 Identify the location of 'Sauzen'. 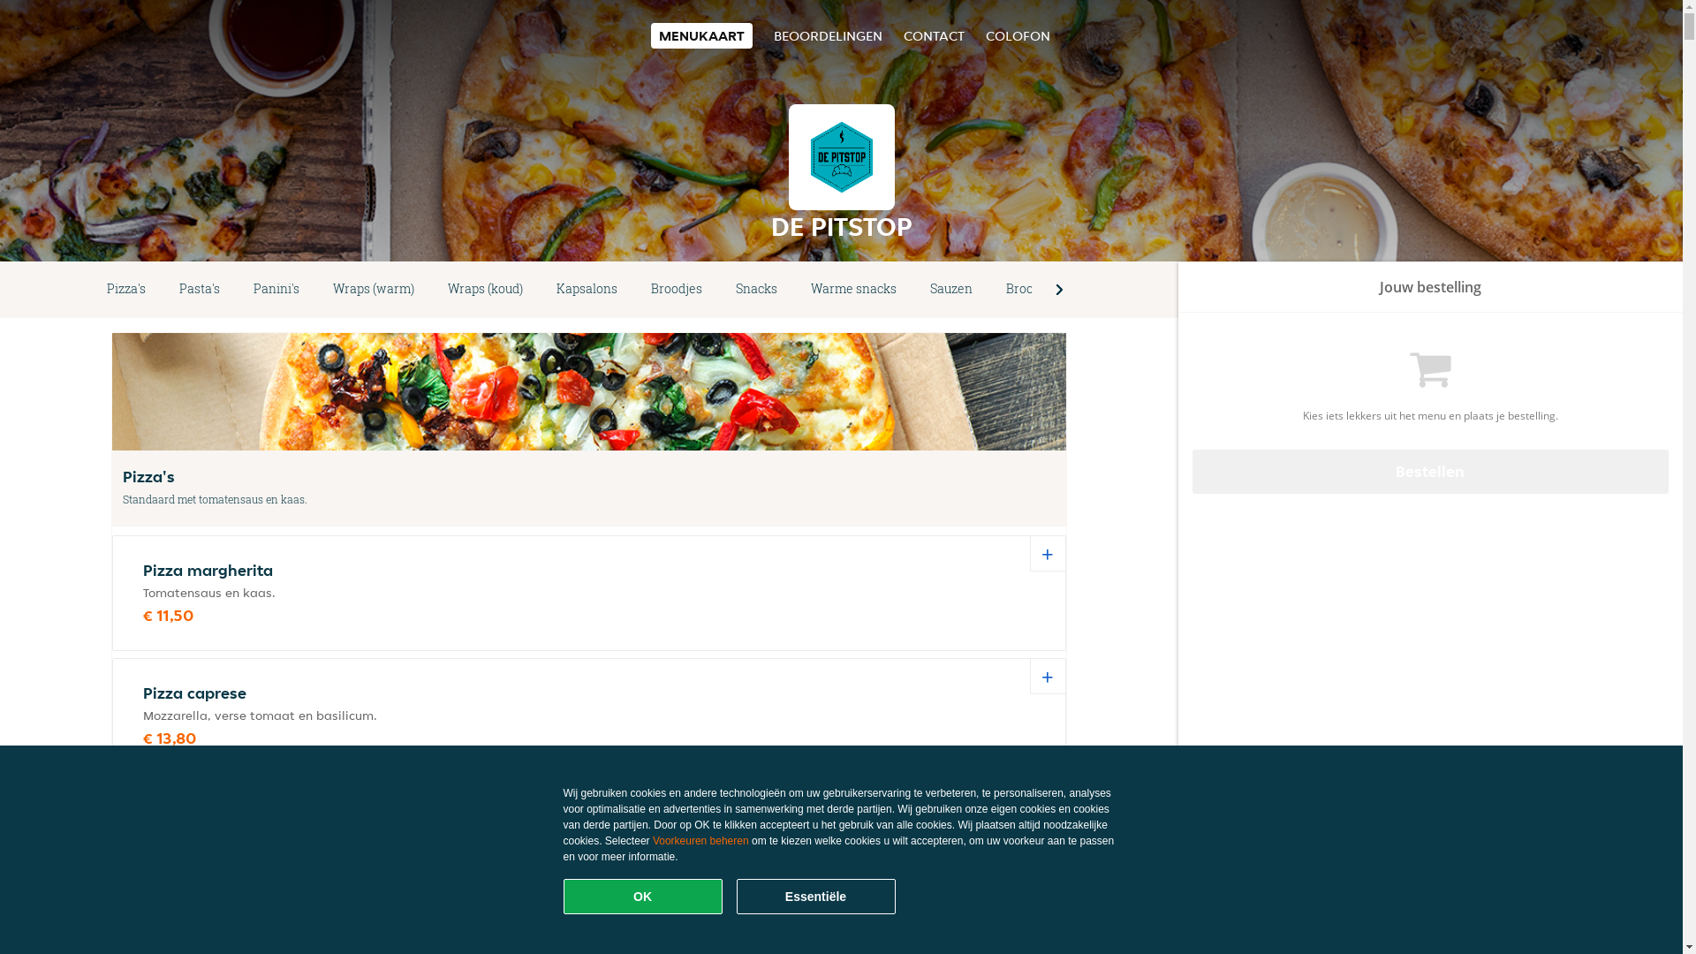
(950, 288).